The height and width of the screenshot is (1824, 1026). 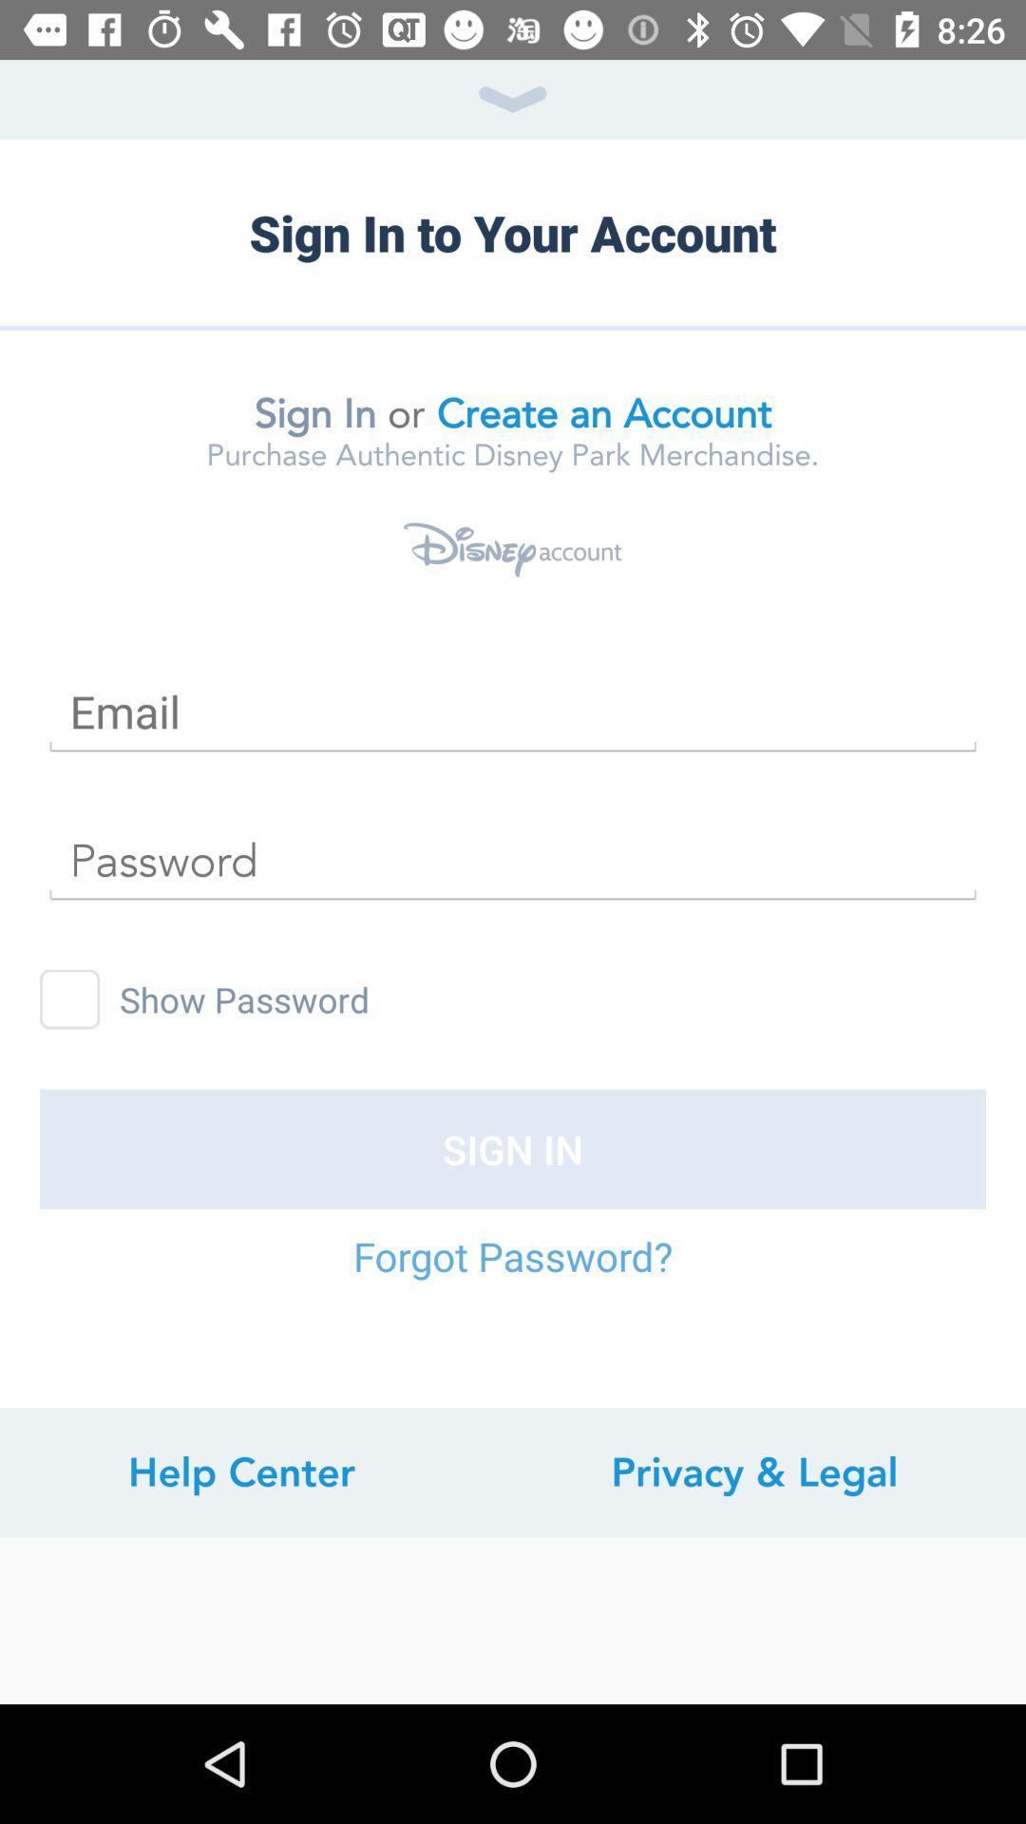 I want to click on the item next to  or  icon, so click(x=604, y=412).